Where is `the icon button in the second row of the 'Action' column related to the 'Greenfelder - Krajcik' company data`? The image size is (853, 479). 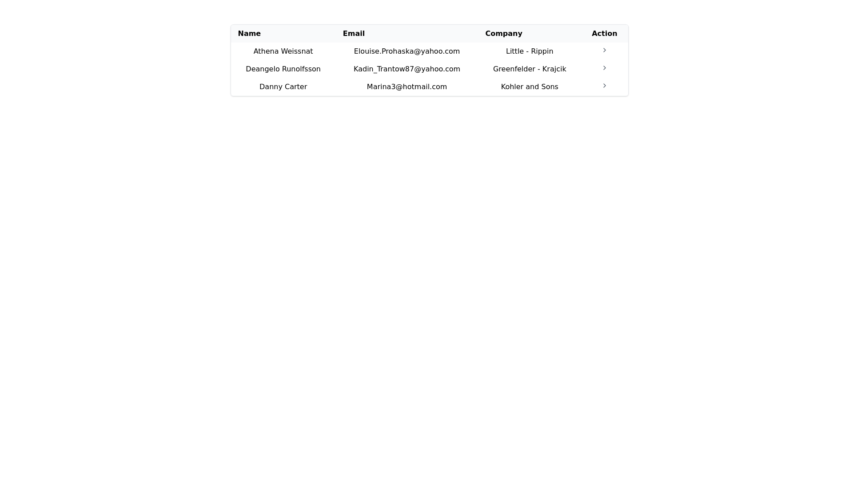 the icon button in the second row of the 'Action' column related to the 'Greenfelder - Krajcik' company data is located at coordinates (604, 67).